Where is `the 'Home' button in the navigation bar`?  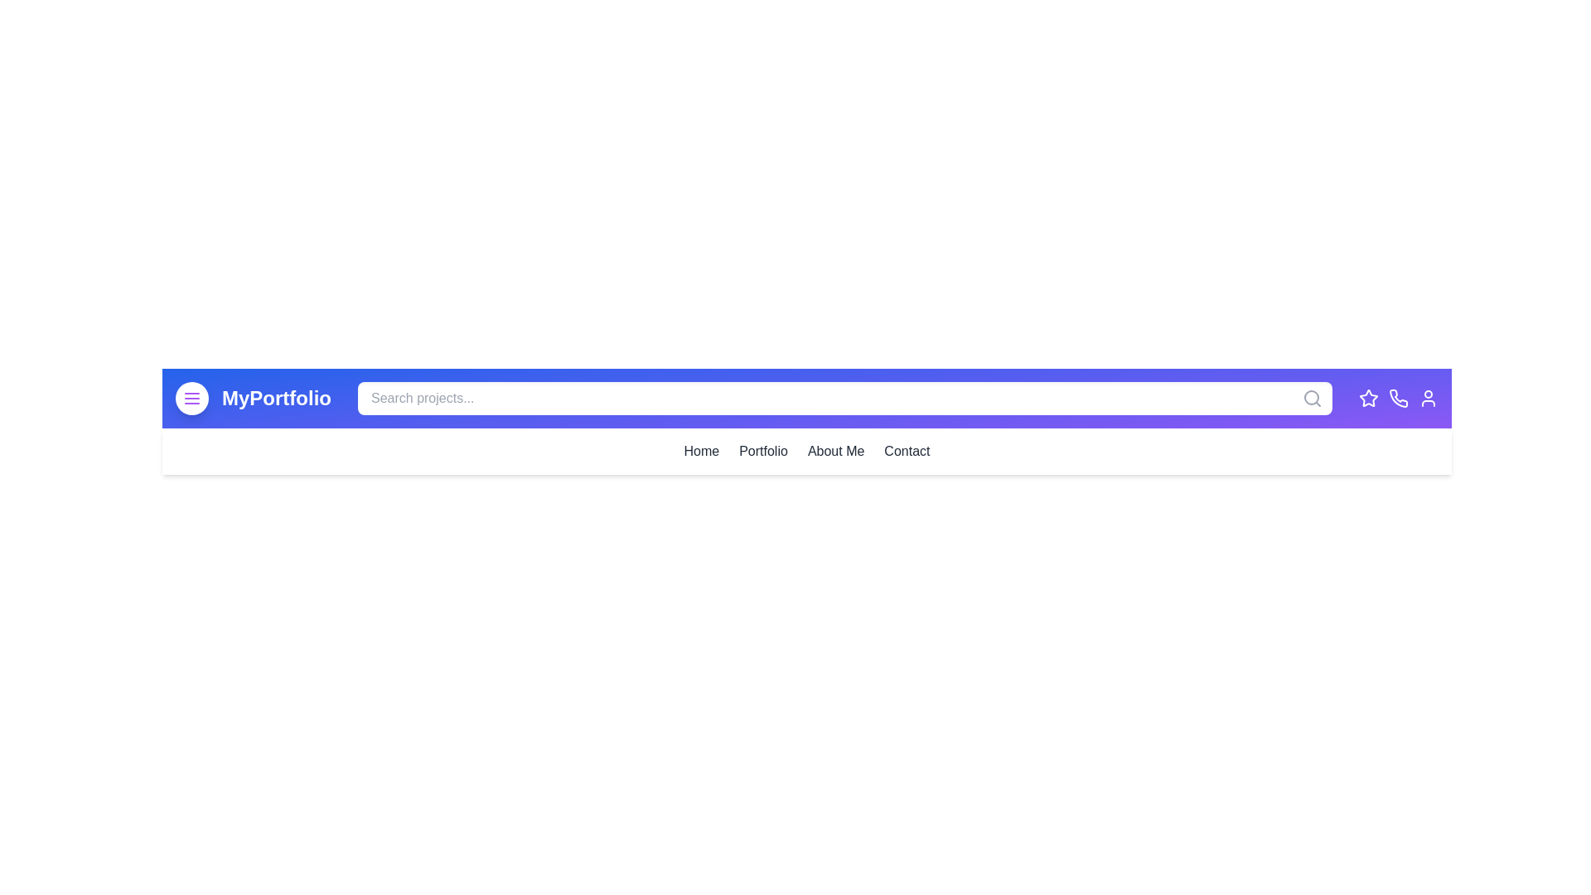 the 'Home' button in the navigation bar is located at coordinates (700, 451).